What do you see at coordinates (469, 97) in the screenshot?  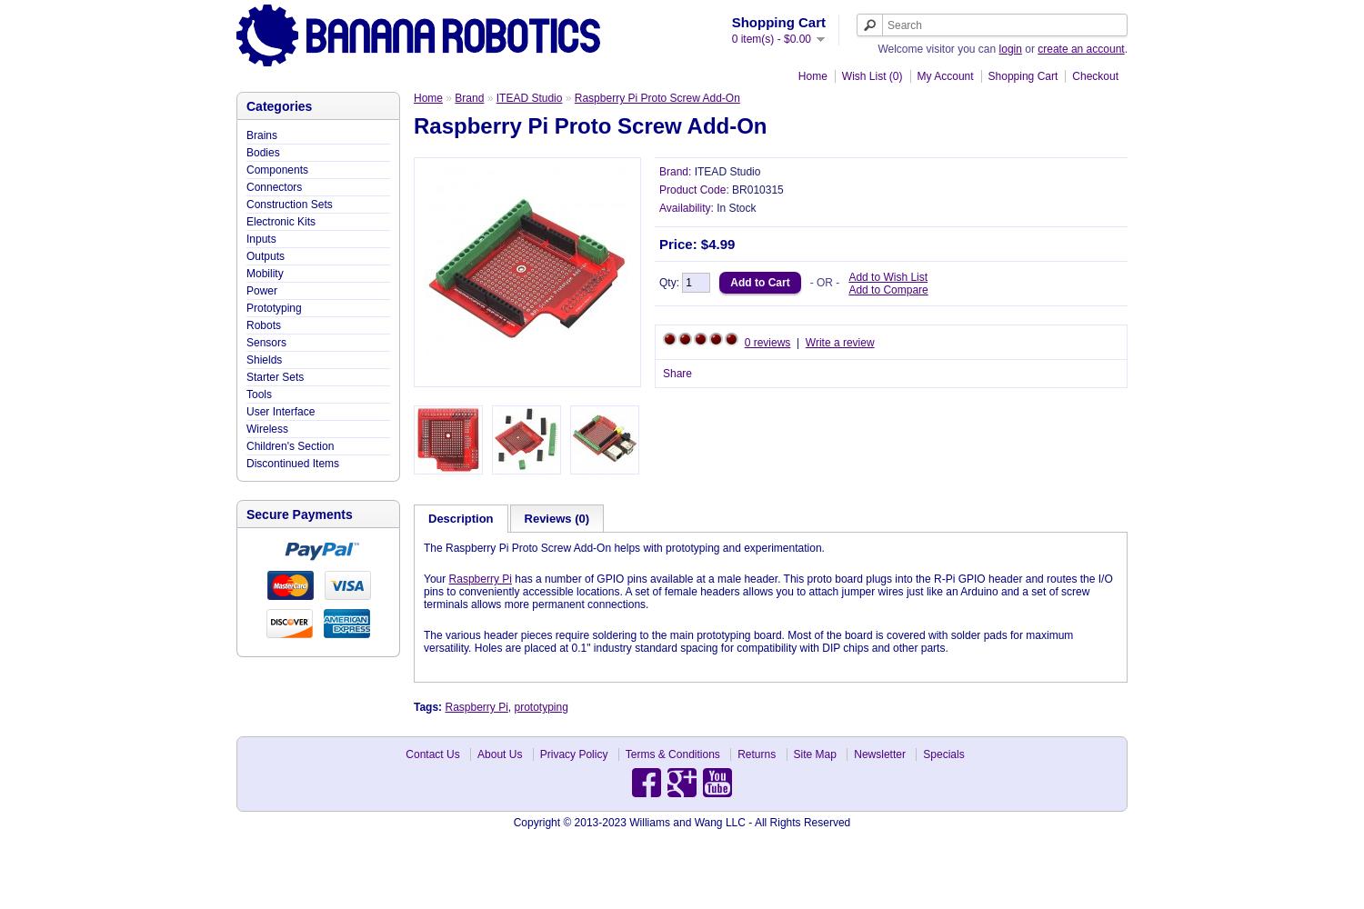 I see `'Brand'` at bounding box center [469, 97].